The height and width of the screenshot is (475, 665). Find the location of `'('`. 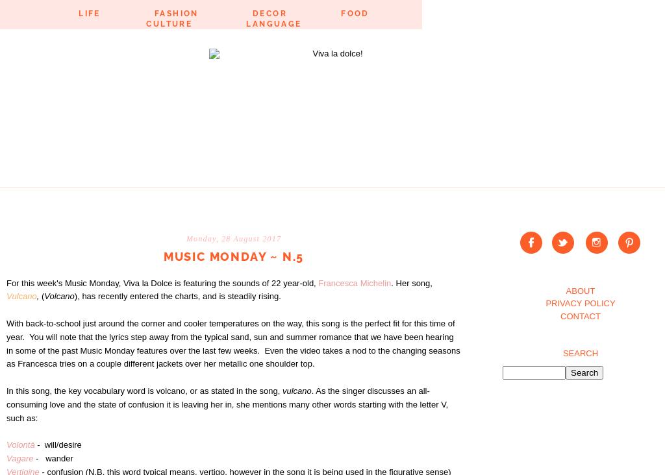

'(' is located at coordinates (41, 295).